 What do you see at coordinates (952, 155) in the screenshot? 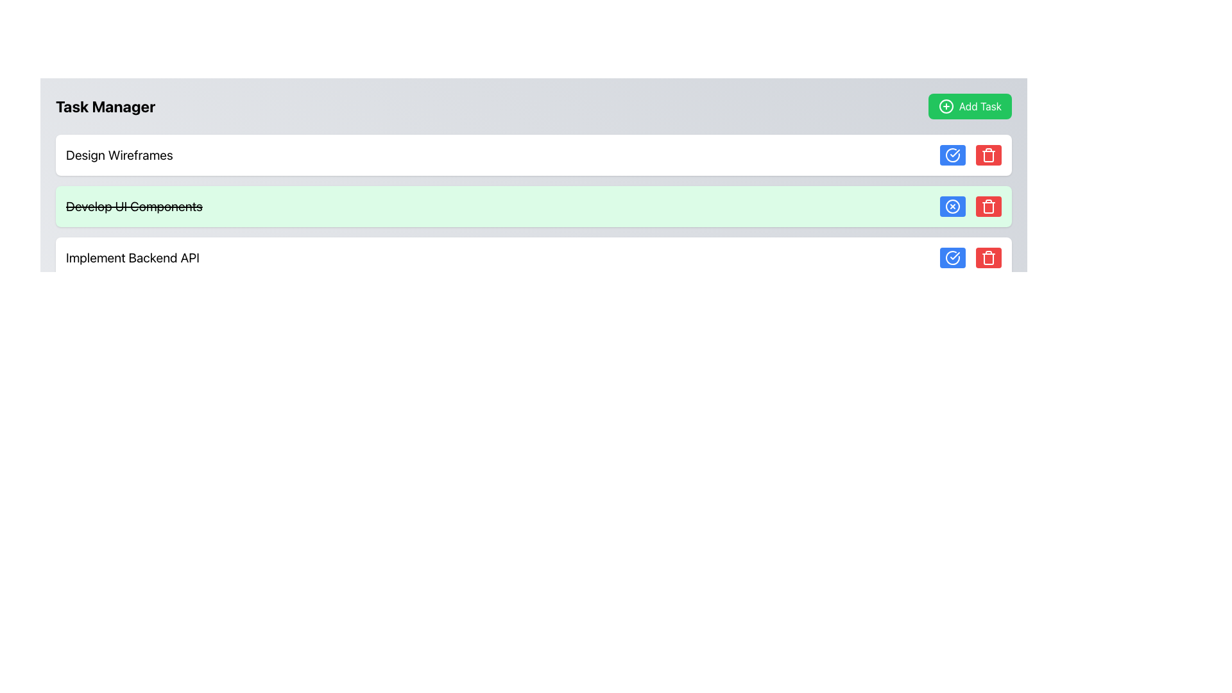
I see `the confirmation button, which is the third icon in the row of action icons to the right of the 'Implement Backend API' list item` at bounding box center [952, 155].